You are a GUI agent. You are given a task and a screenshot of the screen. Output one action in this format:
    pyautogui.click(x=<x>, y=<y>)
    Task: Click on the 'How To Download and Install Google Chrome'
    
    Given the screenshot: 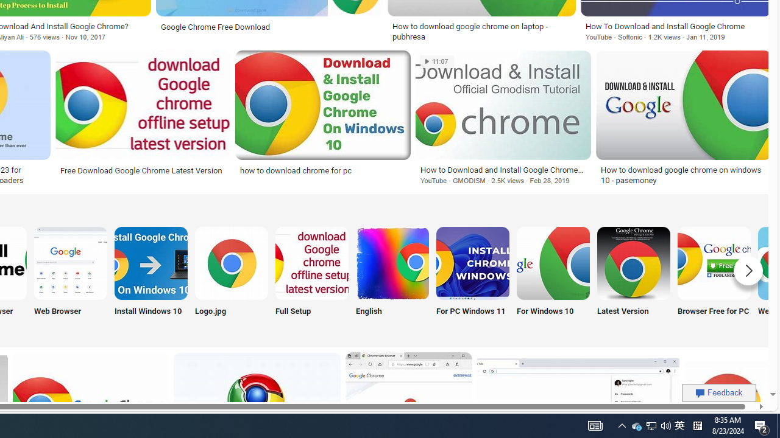 What is the action you would take?
    pyautogui.click(x=675, y=26)
    